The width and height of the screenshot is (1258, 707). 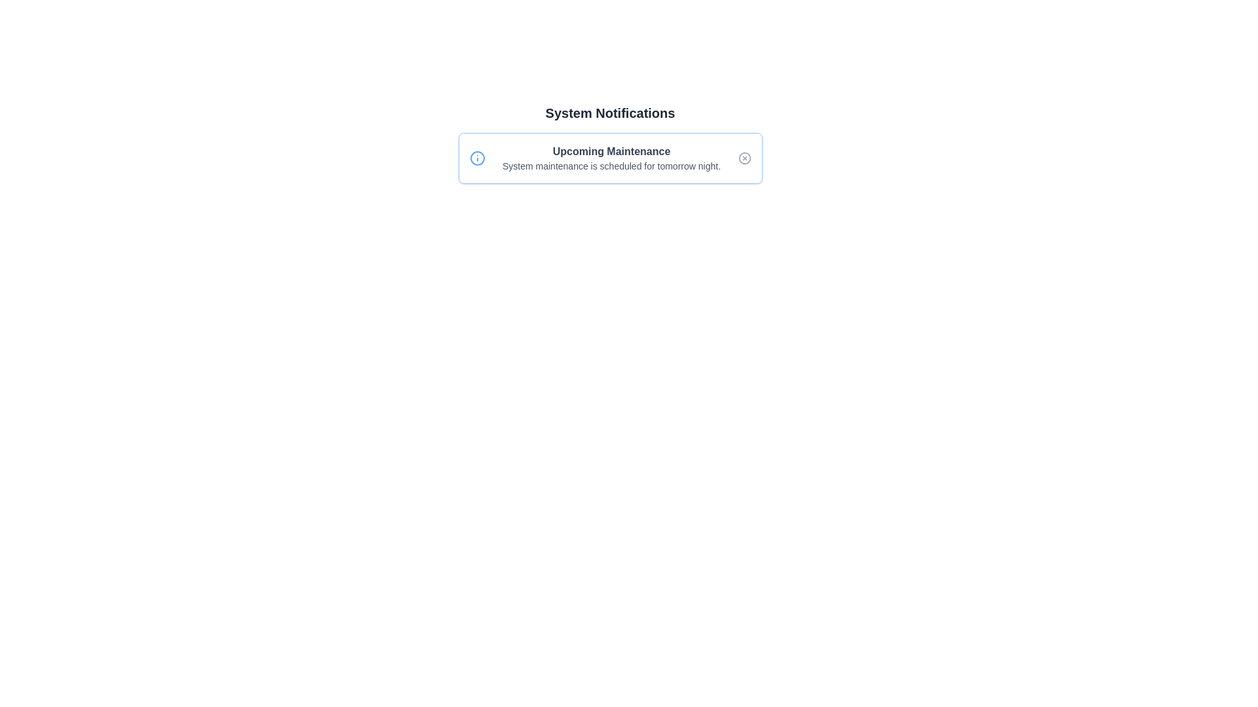 I want to click on the notification text area to focus and read the details, so click(x=609, y=158).